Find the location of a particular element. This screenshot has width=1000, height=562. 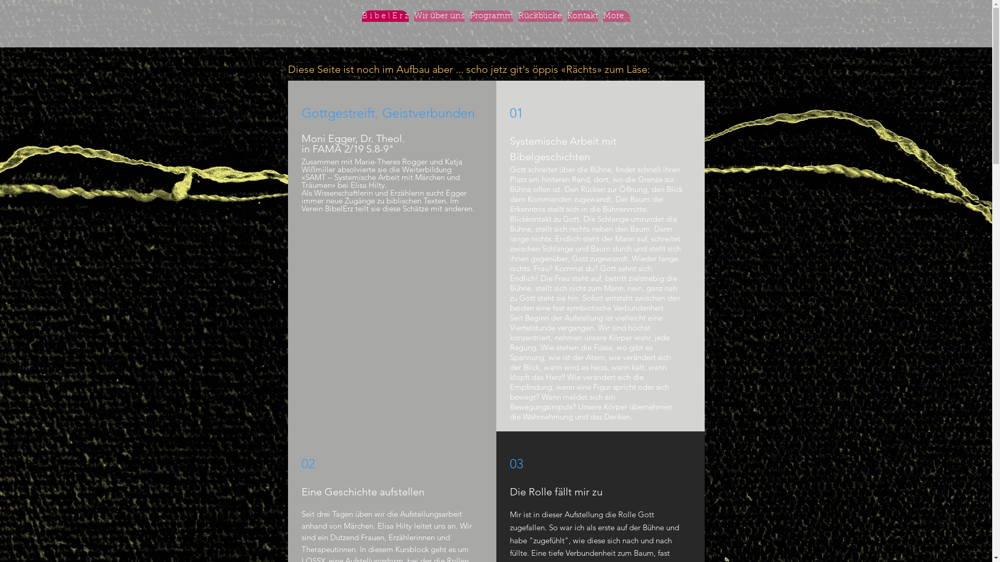

'B i b e l E r z' is located at coordinates (384, 28).